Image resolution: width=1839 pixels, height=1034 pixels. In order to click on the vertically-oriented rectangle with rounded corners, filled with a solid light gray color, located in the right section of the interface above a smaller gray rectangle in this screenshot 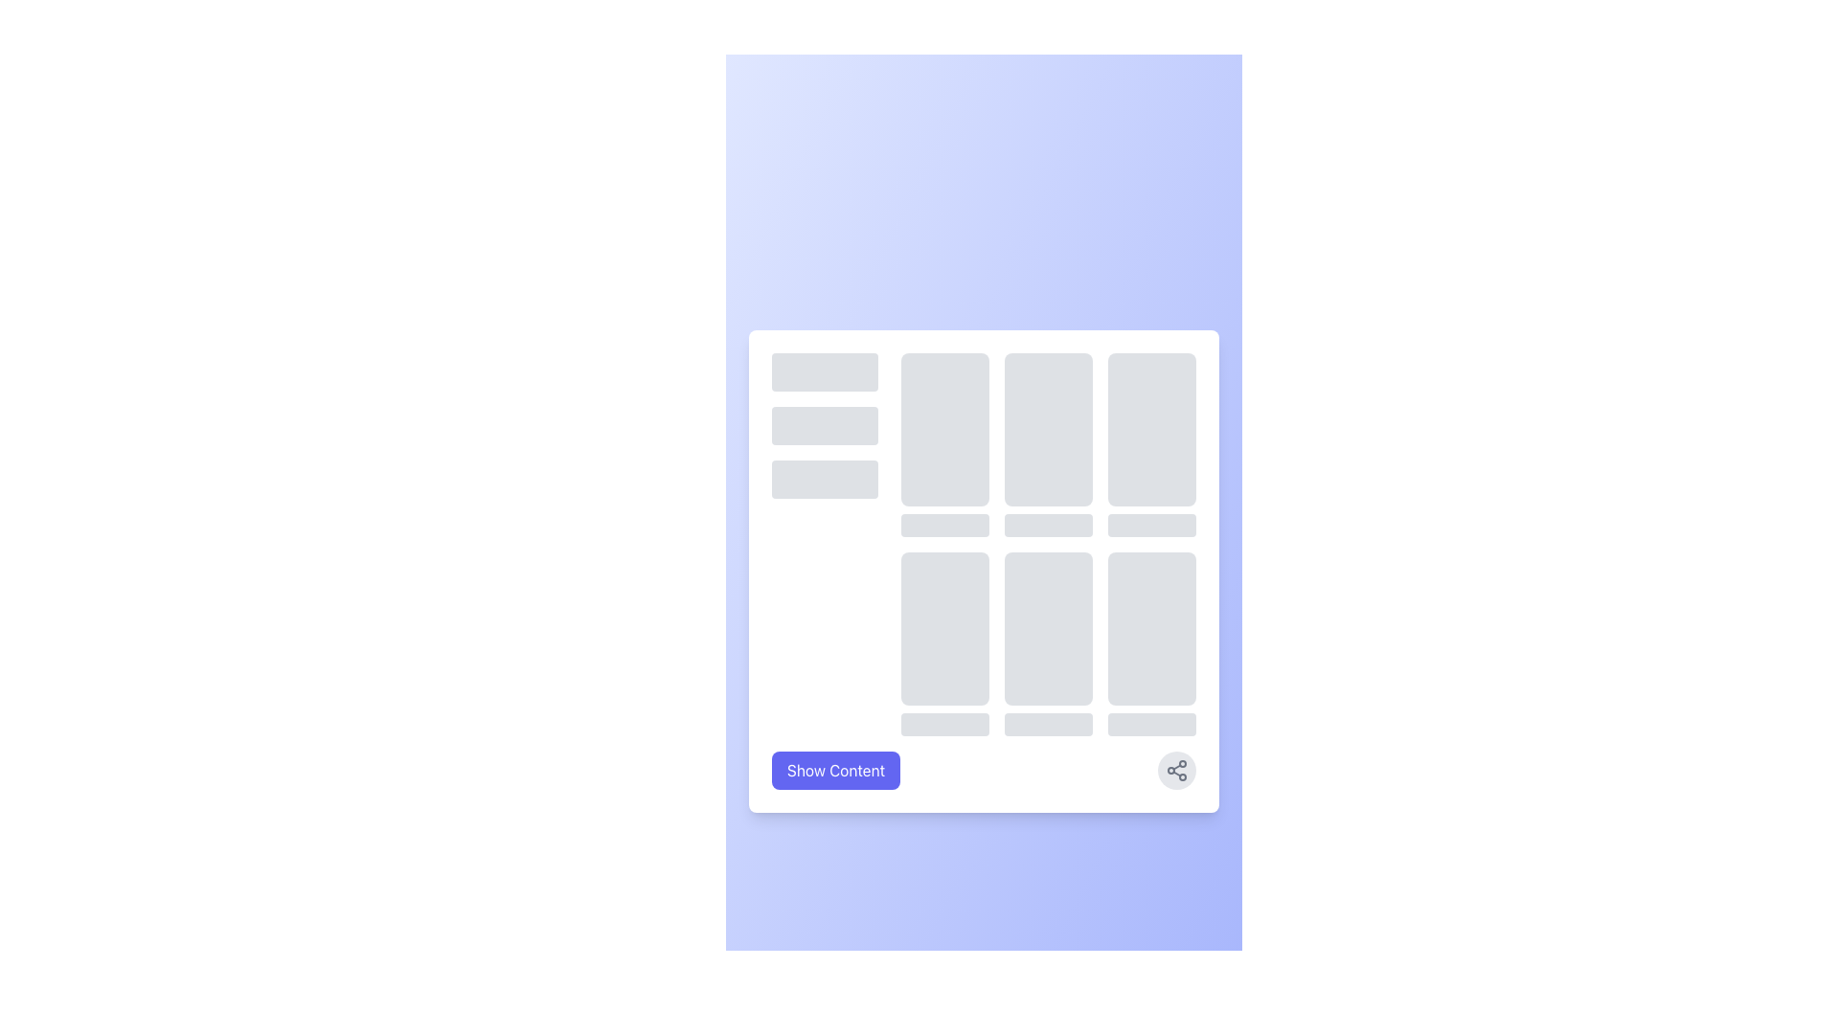, I will do `click(944, 428)`.